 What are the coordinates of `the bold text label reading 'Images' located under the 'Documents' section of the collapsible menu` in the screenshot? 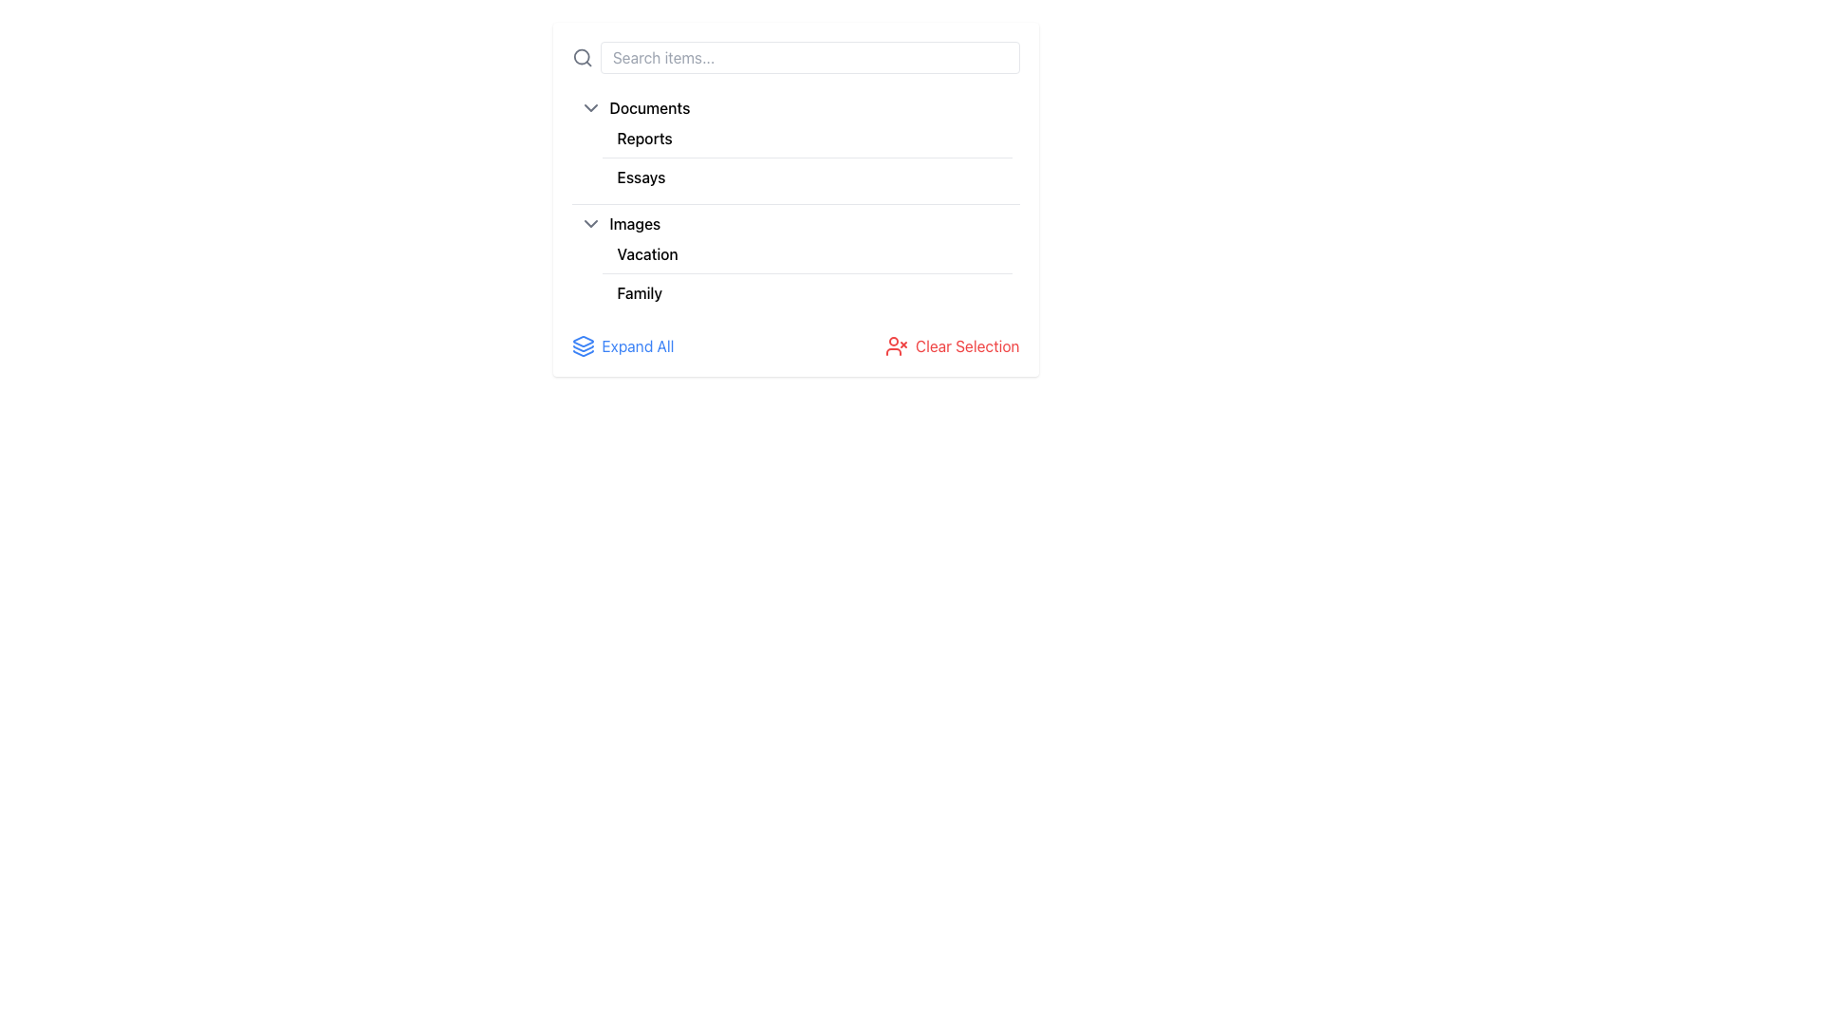 It's located at (635, 222).